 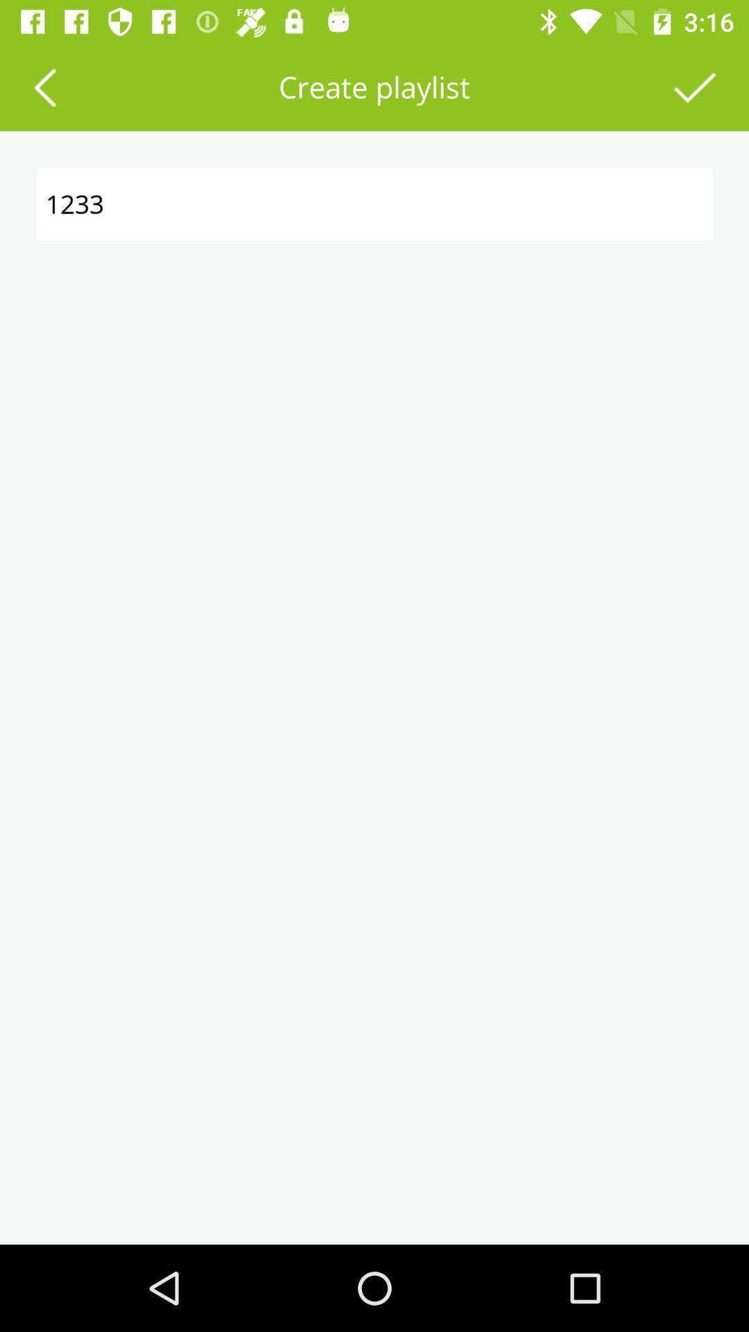 What do you see at coordinates (695, 86) in the screenshot?
I see `finalize creating the playlist` at bounding box center [695, 86].